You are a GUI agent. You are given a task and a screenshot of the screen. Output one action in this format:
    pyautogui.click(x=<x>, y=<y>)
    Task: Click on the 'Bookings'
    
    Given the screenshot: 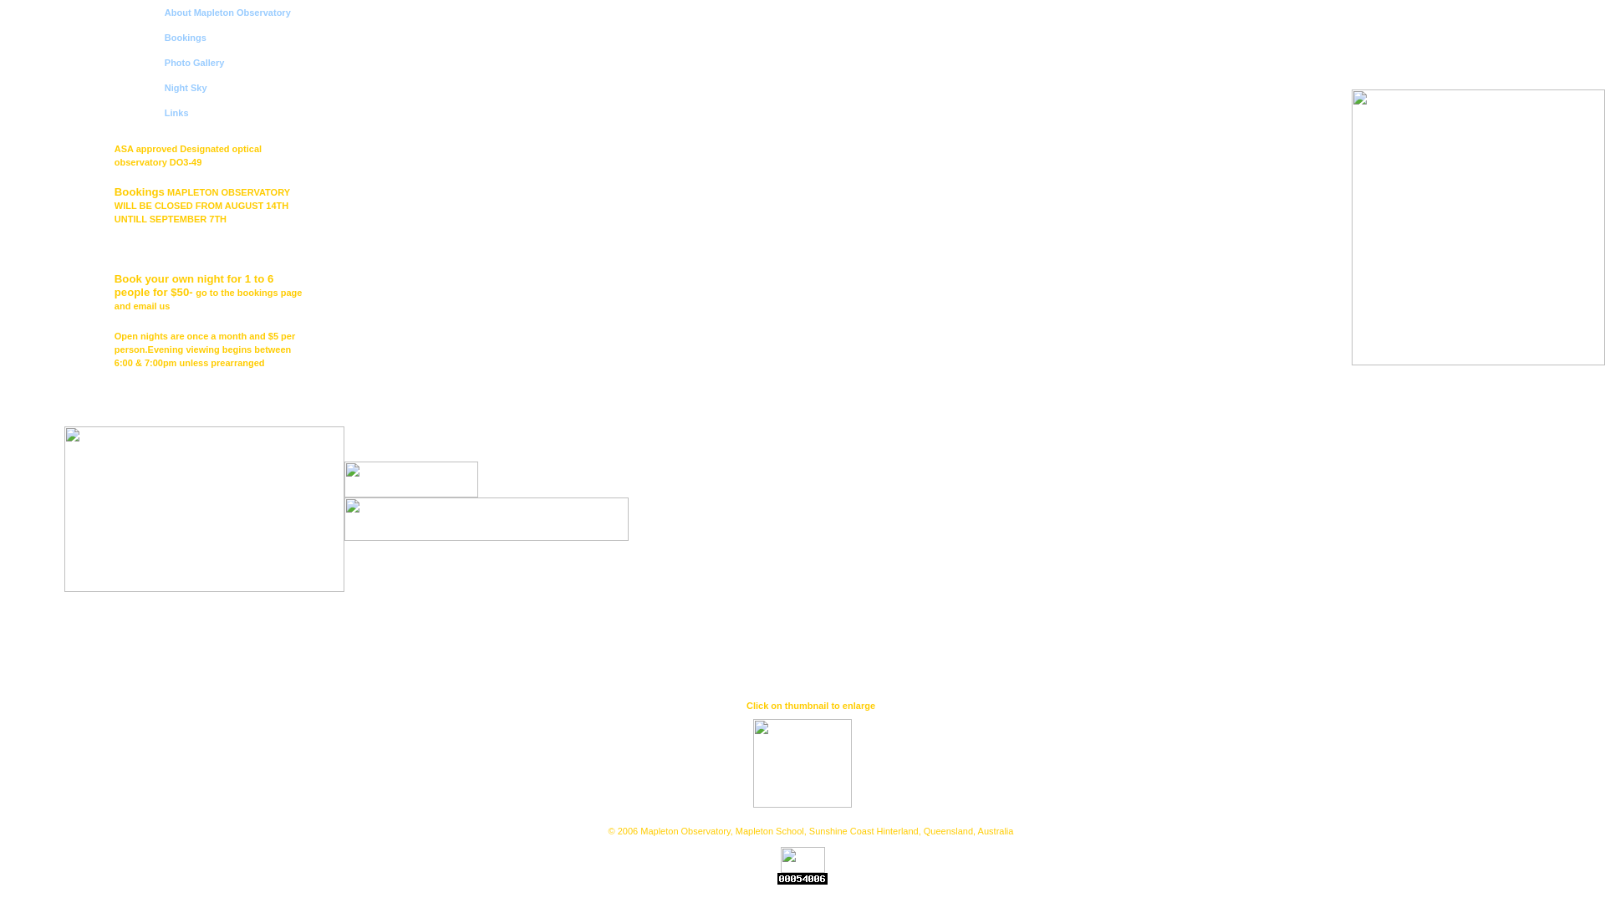 What is the action you would take?
    pyautogui.click(x=185, y=38)
    